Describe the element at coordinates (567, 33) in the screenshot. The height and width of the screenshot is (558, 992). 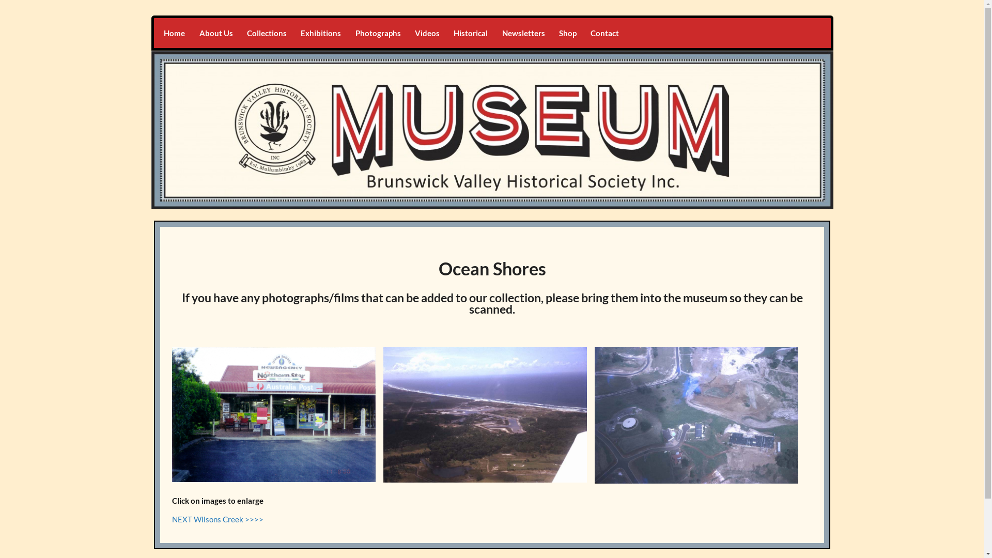
I see `'Shop'` at that location.